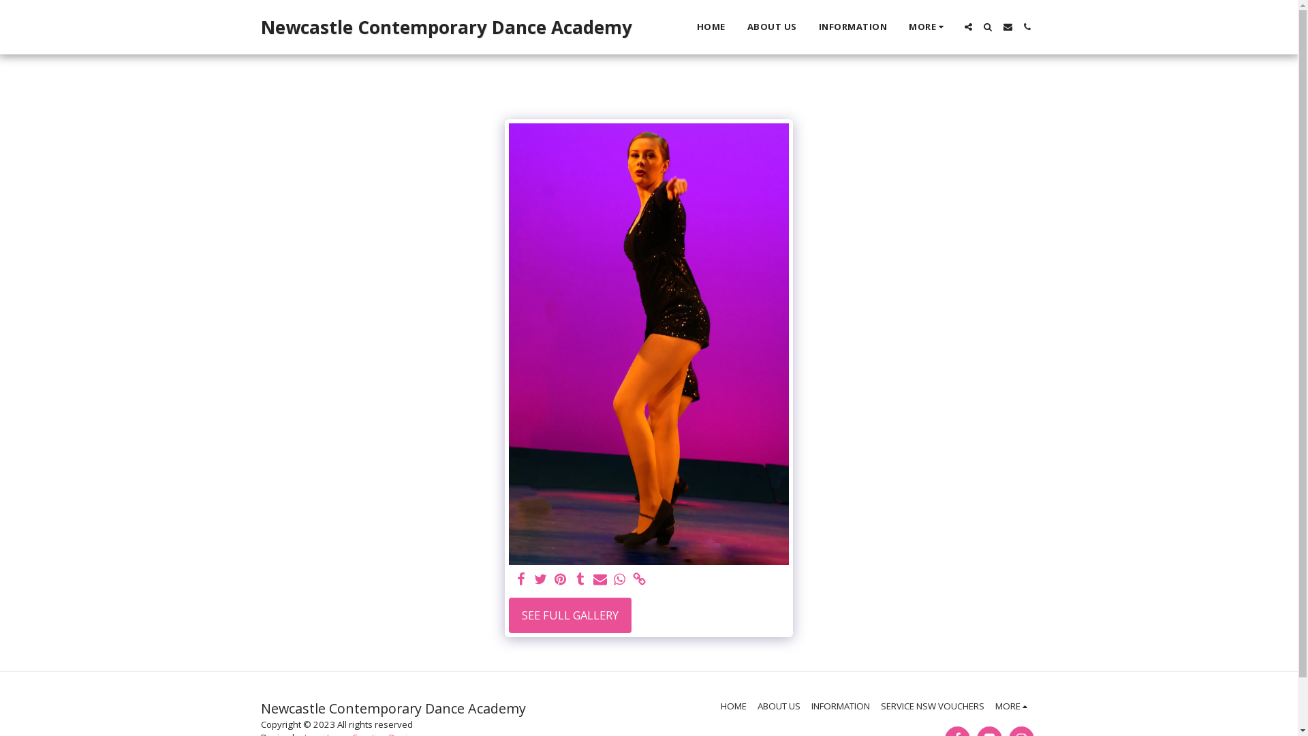  Describe the element at coordinates (570, 615) in the screenshot. I see `'SEE FULL GALLERY'` at that location.